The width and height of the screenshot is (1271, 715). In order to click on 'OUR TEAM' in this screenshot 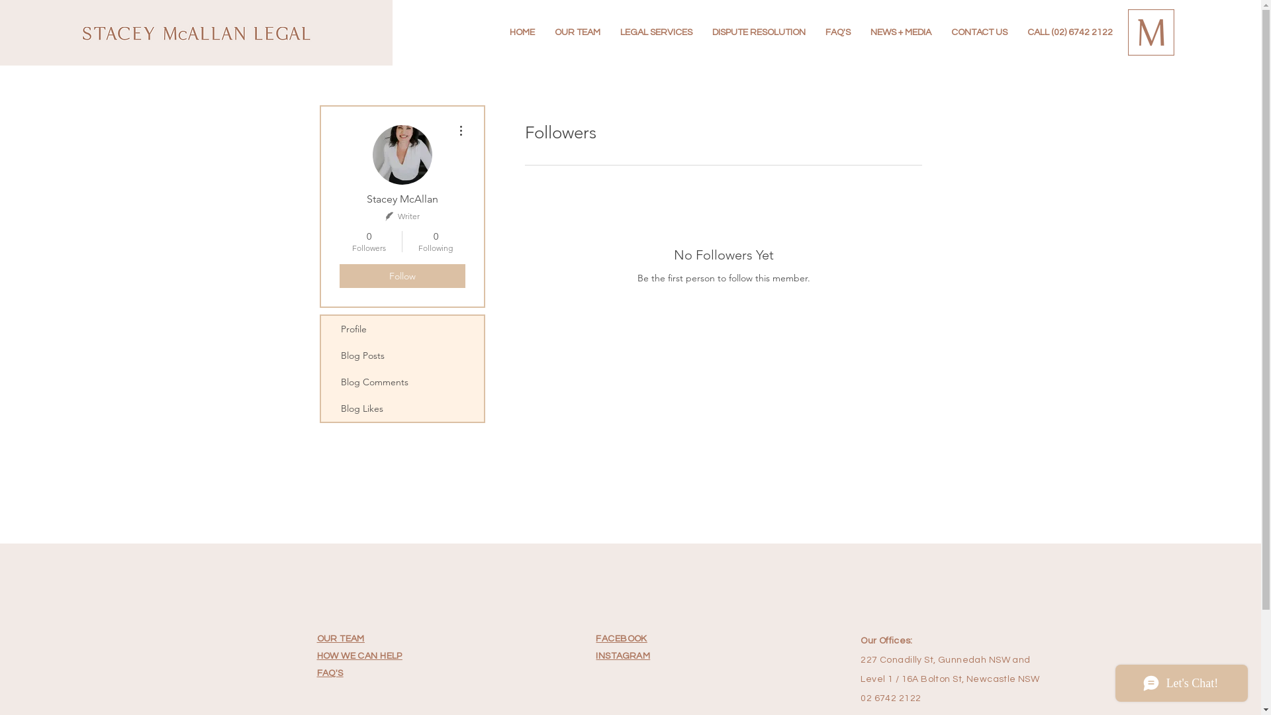, I will do `click(544, 32)`.